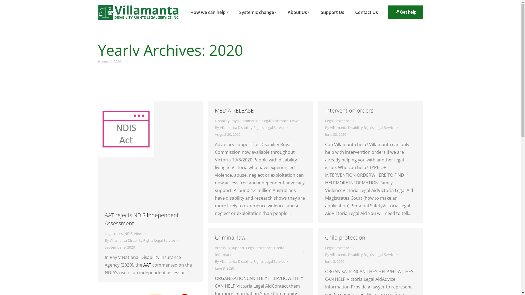  What do you see at coordinates (251, 128) in the screenshot?
I see `'By Villamanta Disability Rights Legal Service'` at bounding box center [251, 128].